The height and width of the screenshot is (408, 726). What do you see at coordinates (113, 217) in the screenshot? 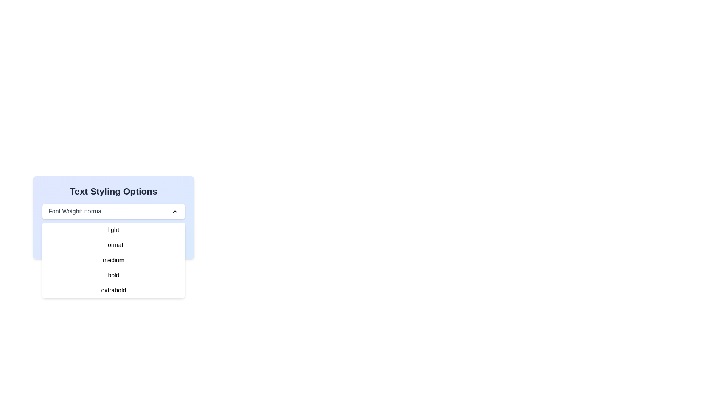
I see `the dropdown menu options of the 'Font Weight' selection in the 'Text Styling Options' card` at bounding box center [113, 217].